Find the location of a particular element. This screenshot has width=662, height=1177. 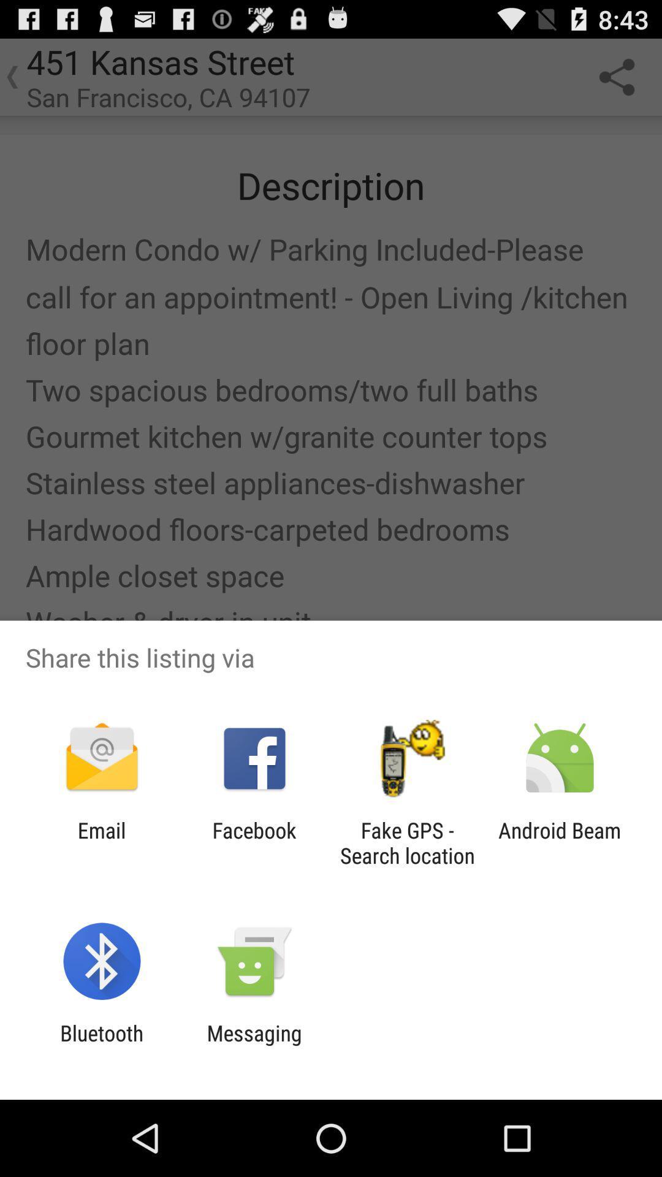

the app to the right of facebook item is located at coordinates (407, 842).